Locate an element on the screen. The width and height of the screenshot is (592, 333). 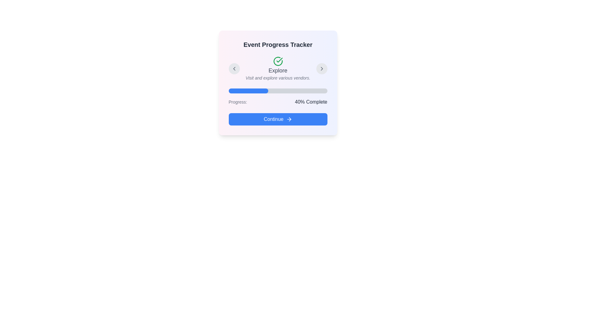
the Header Text element at the top of the card section, which provides context or a title for the content below it is located at coordinates (277, 44).